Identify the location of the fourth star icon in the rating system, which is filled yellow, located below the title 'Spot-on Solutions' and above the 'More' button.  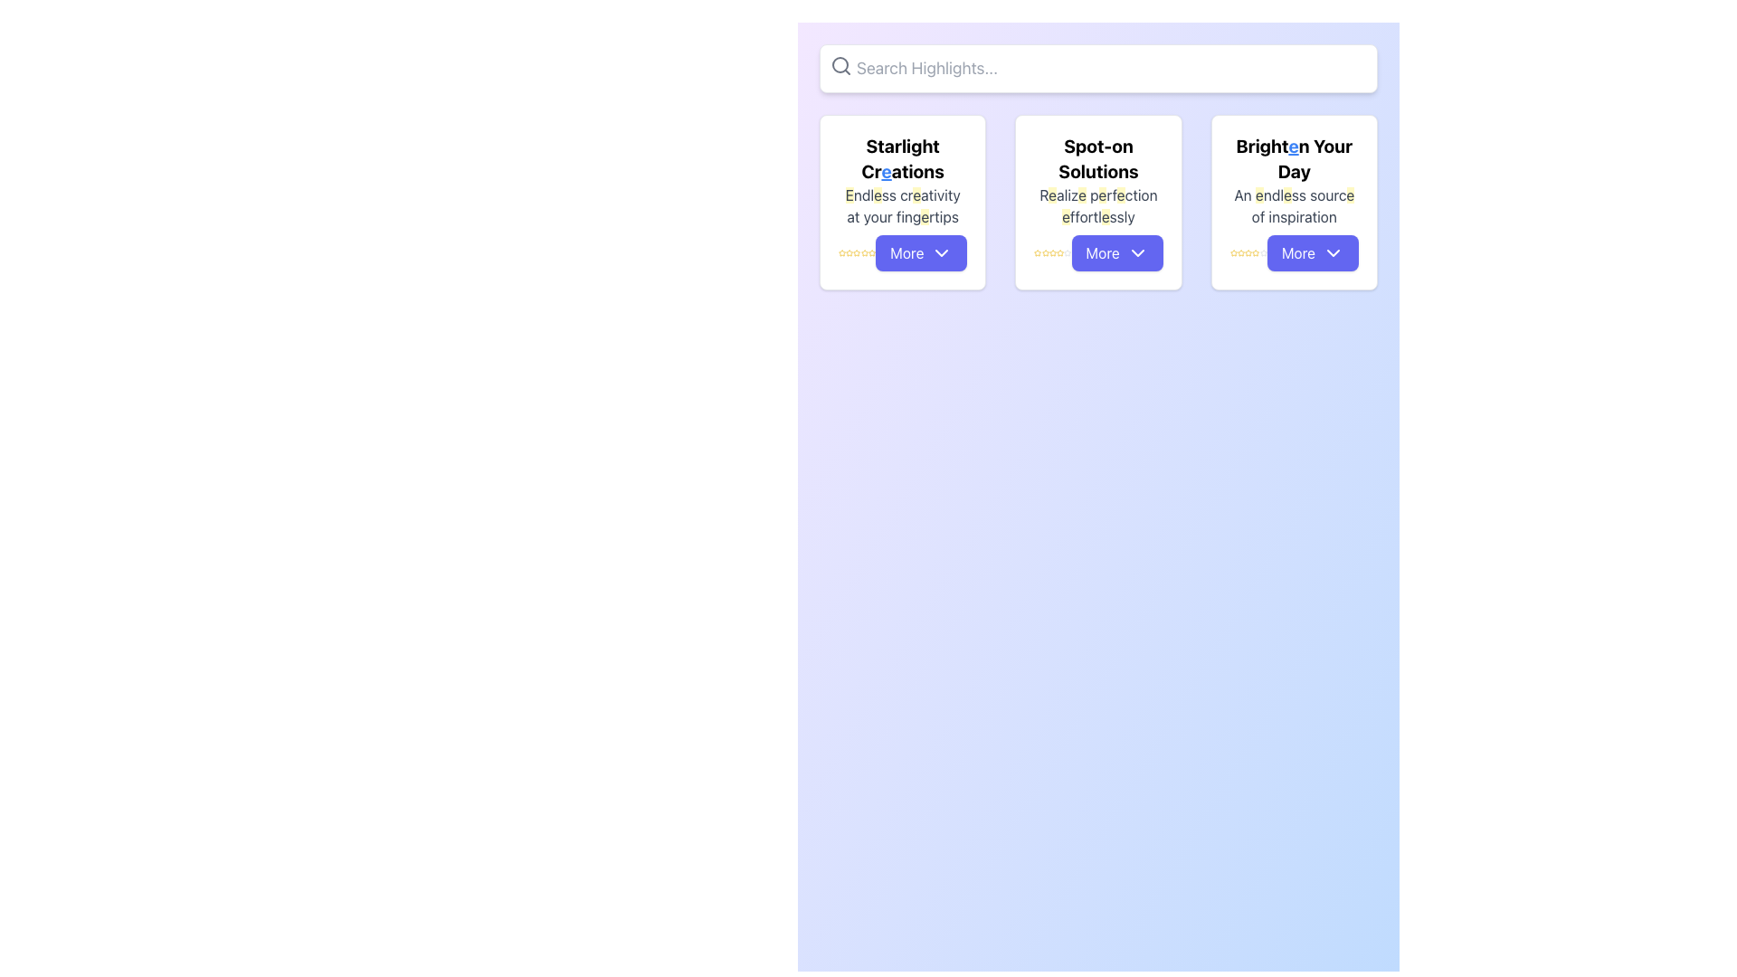
(1052, 253).